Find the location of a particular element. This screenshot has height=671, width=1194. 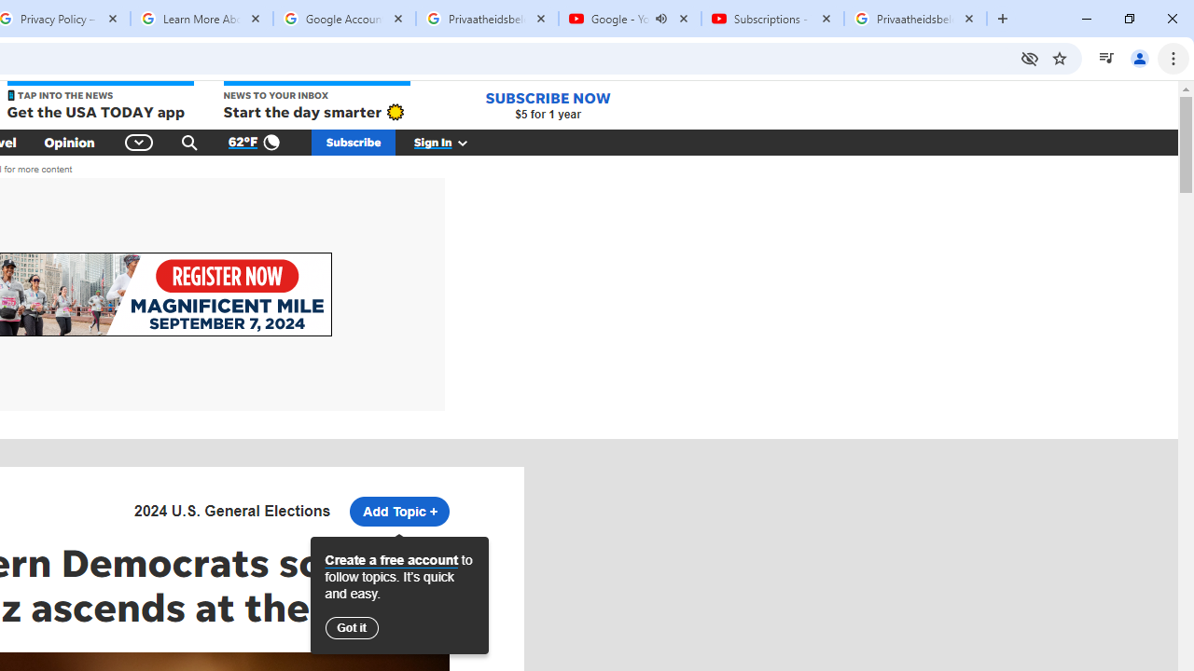

'Third-party cookies blocked' is located at coordinates (1029, 57).